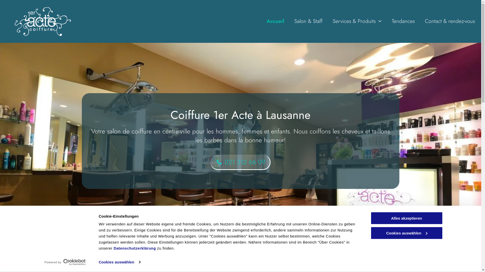 Image resolution: width=485 pixels, height=272 pixels. I want to click on 'Services & Produits', so click(332, 21).